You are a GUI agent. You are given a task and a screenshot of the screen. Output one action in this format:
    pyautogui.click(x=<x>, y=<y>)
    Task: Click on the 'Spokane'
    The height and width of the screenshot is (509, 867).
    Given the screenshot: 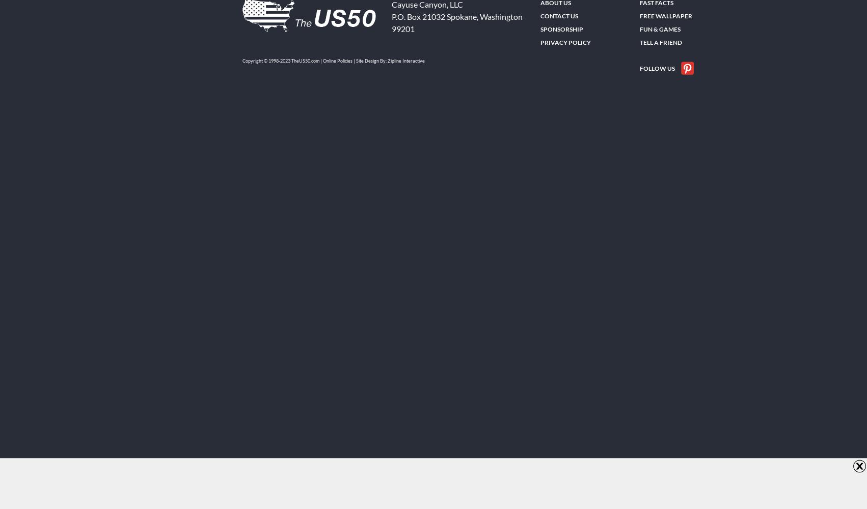 What is the action you would take?
    pyautogui.click(x=446, y=16)
    